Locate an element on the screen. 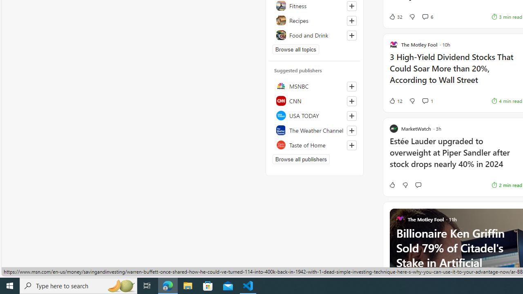  'Follow this source' is located at coordinates (351, 145).